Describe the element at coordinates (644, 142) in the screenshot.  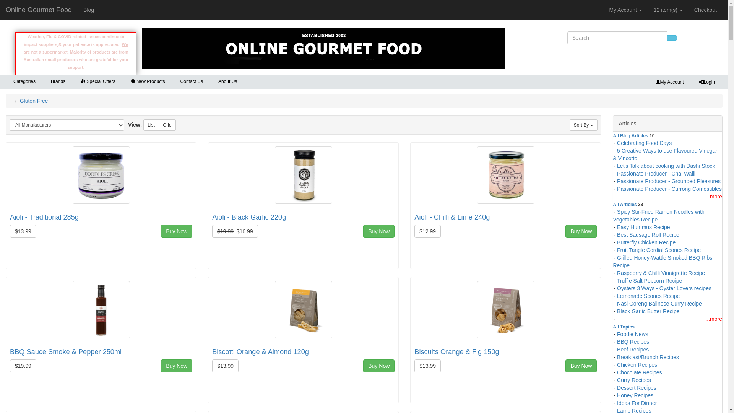
I see `'Celebrating Food Days'` at that location.